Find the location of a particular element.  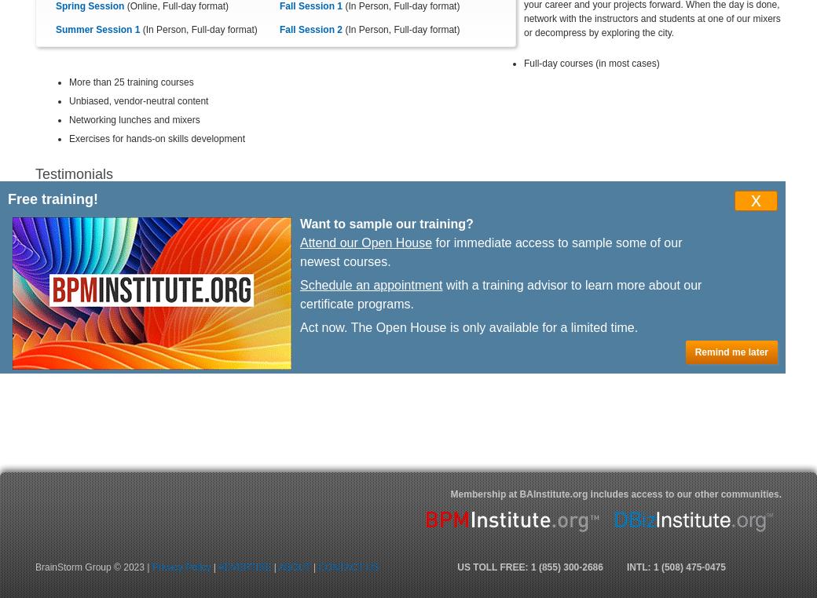

'More than 25 training courses' is located at coordinates (131, 82).